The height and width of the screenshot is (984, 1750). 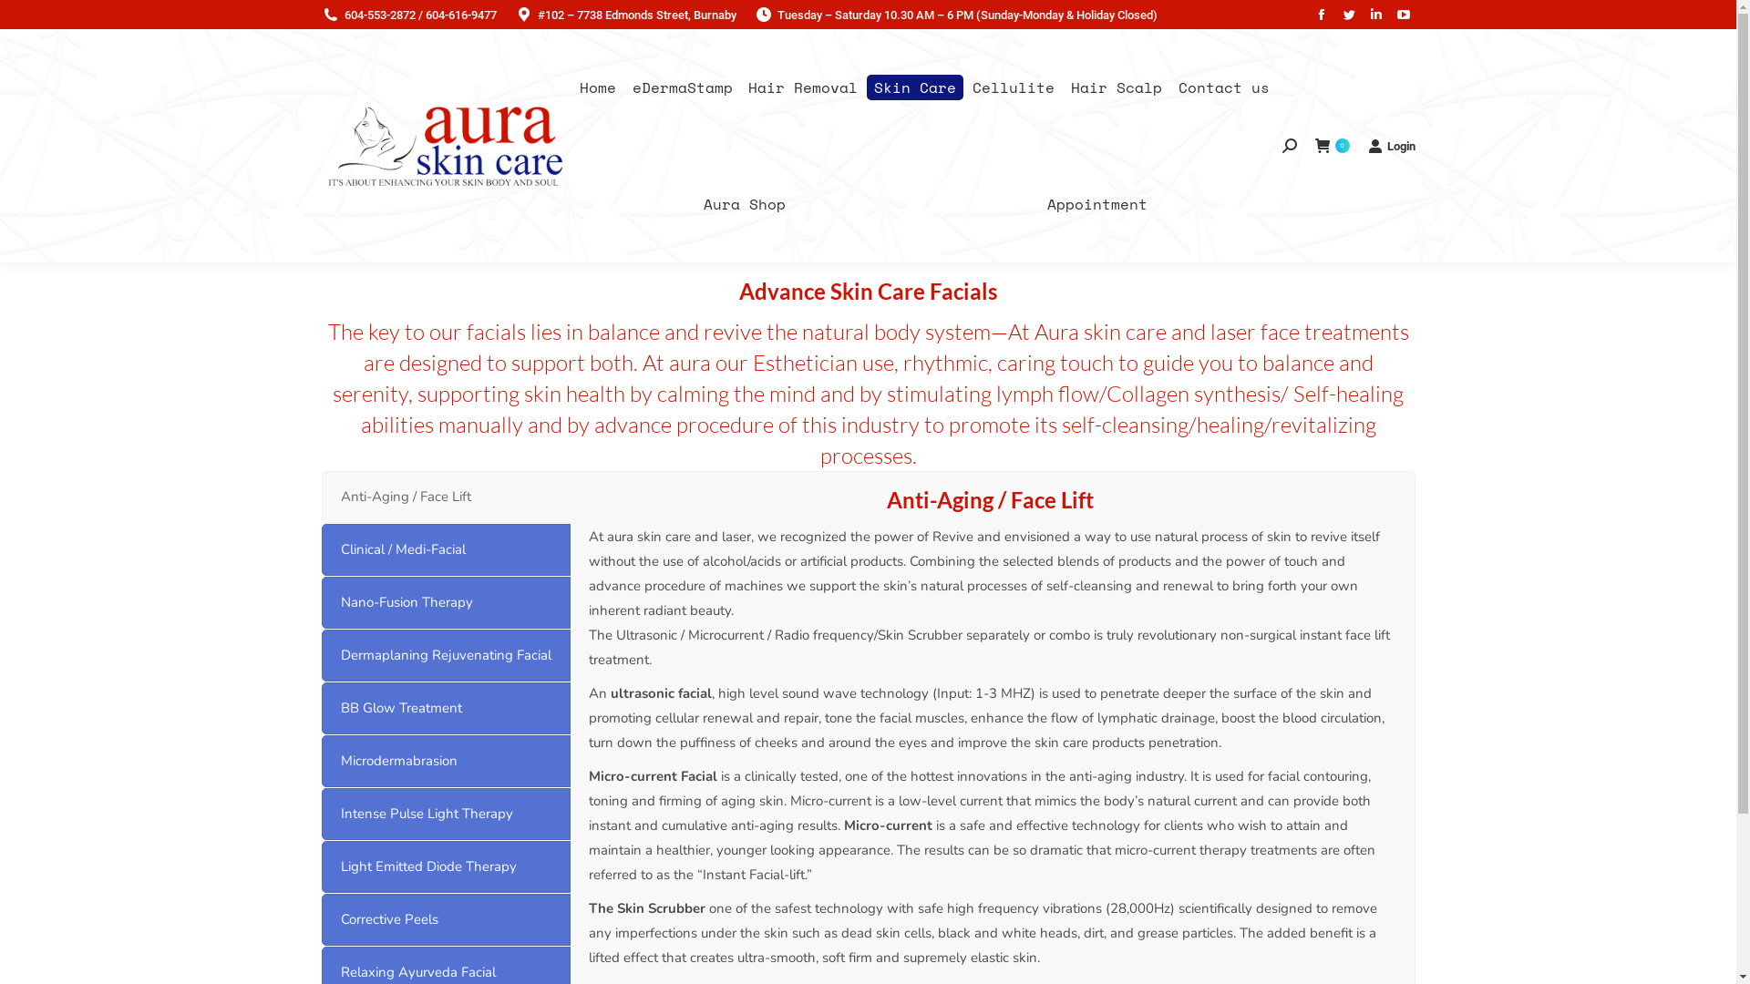 I want to click on 'Contact us', so click(x=1224, y=87).